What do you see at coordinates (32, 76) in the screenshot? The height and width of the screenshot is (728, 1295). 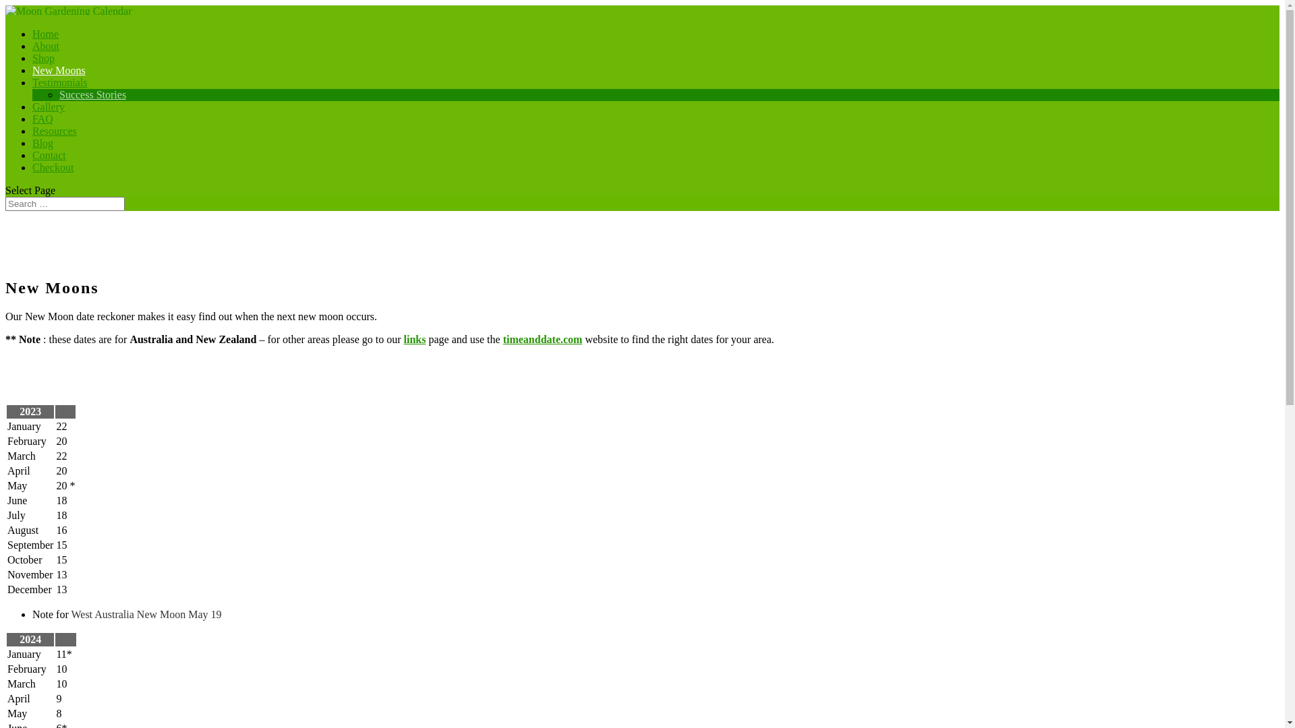 I see `'New Moons'` at bounding box center [32, 76].